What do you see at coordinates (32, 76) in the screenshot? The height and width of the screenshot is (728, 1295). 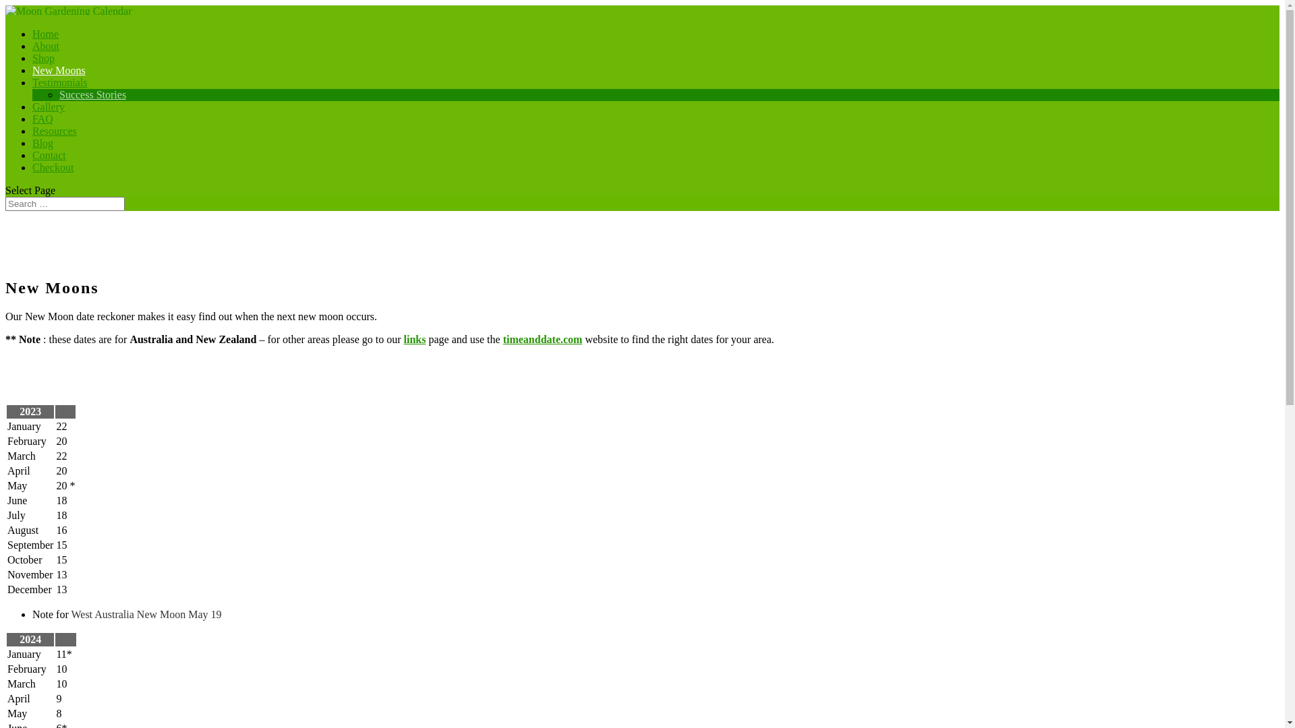 I see `'New Moons'` at bounding box center [32, 76].